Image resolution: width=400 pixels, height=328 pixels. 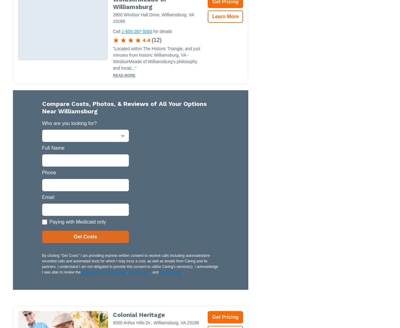 What do you see at coordinates (225, 16) in the screenshot?
I see `'Learn More'` at bounding box center [225, 16].